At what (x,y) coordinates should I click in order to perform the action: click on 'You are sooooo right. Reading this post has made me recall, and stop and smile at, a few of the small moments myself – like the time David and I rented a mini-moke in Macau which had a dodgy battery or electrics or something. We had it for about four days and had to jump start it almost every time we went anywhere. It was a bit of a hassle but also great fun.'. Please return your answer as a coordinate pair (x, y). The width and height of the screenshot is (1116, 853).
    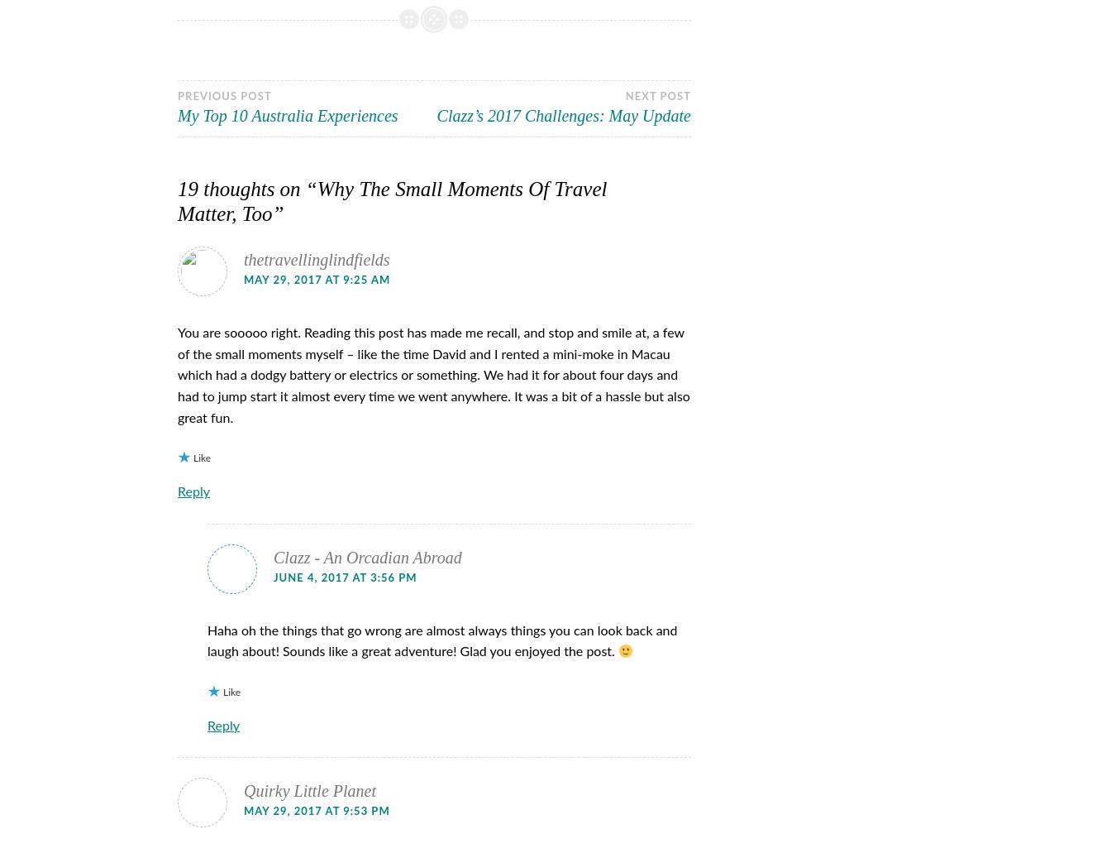
    Looking at the image, I should click on (178, 375).